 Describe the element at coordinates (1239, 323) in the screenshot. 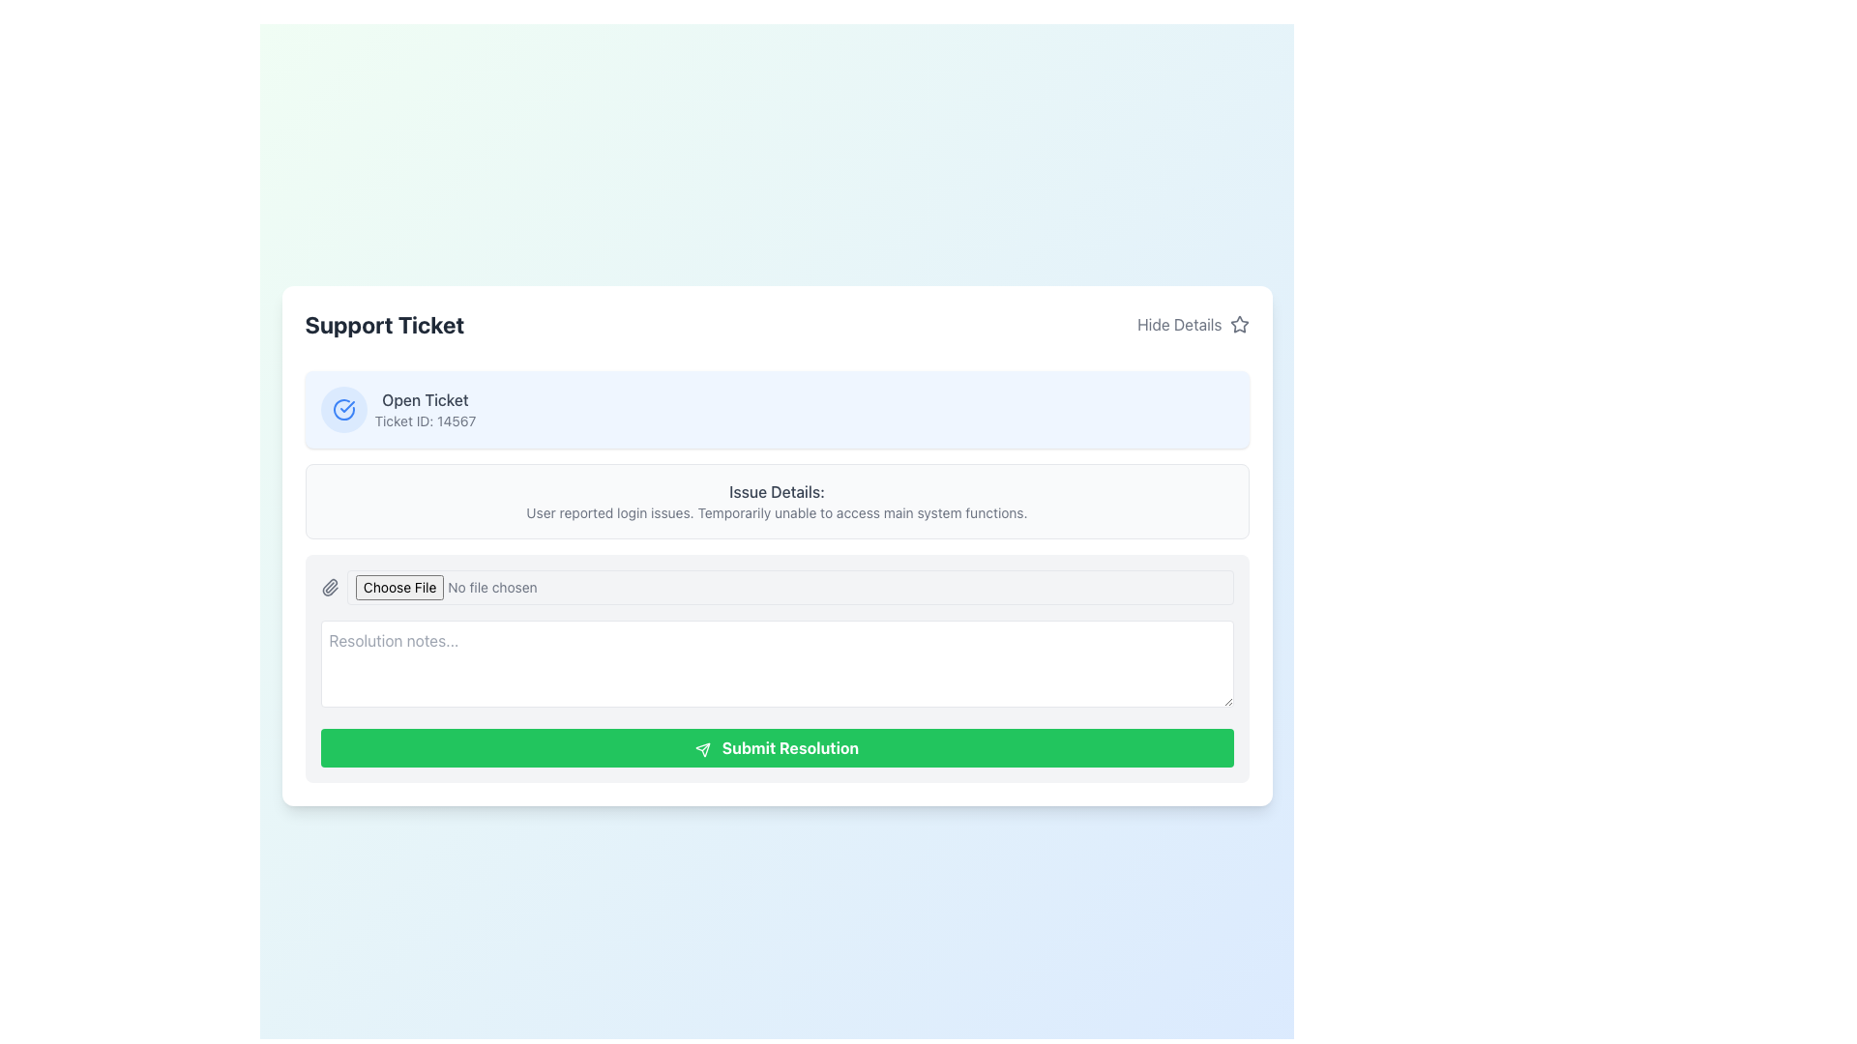

I see `the star-shaped icon in the right-hand corner of the 'Support Ticket' panel` at that location.